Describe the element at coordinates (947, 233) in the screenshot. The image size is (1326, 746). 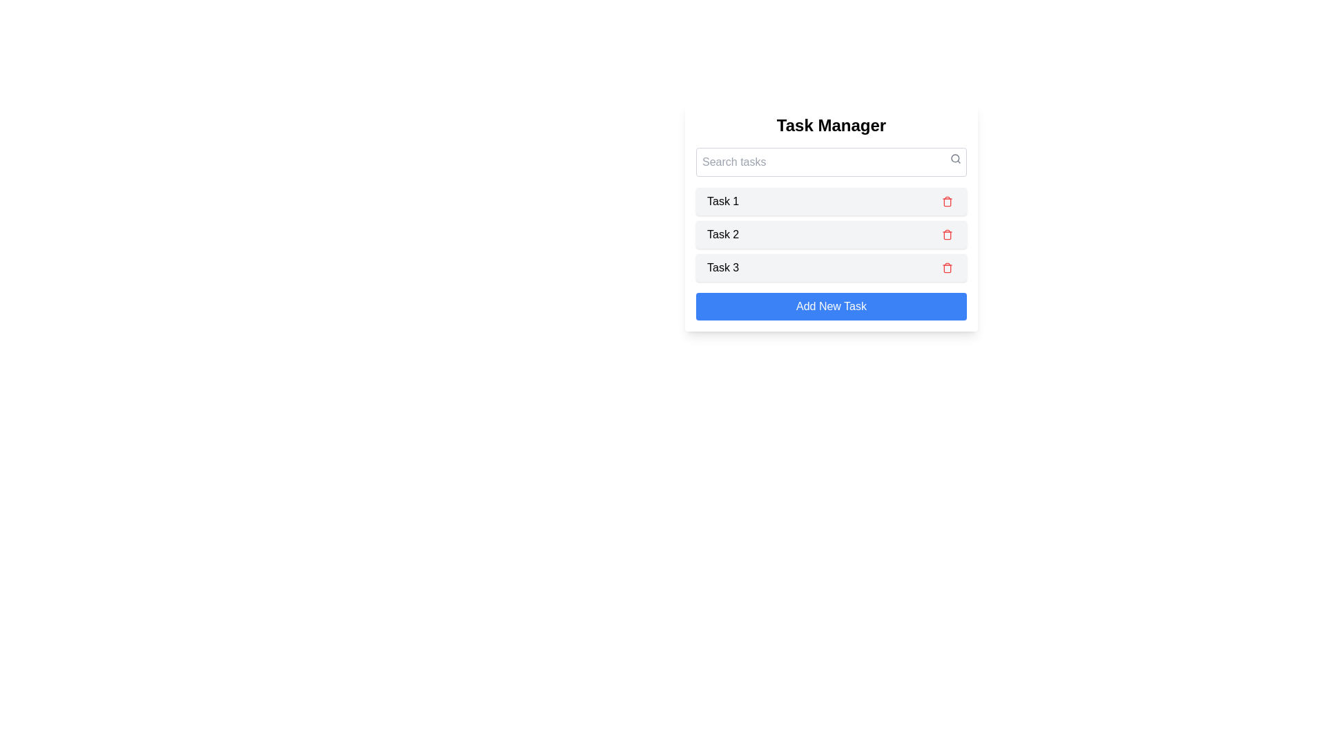
I see `the delete icon for task 2` at that location.